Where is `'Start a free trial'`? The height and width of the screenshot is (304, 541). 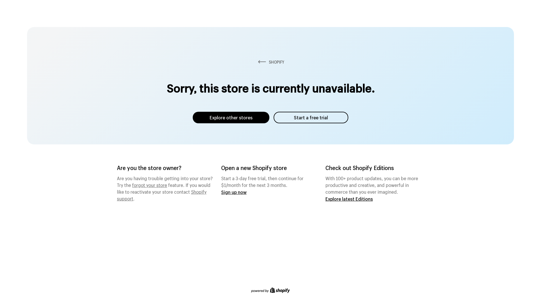
'Start a free trial' is located at coordinates (273, 117).